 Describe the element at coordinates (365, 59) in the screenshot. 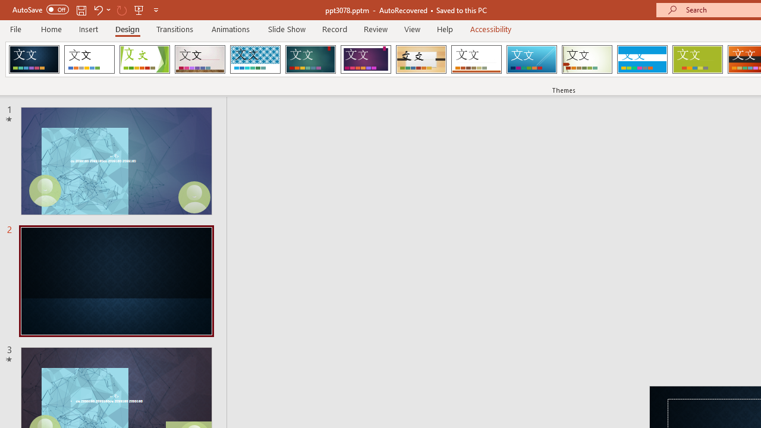

I see `'Ion Boardroom'` at that location.